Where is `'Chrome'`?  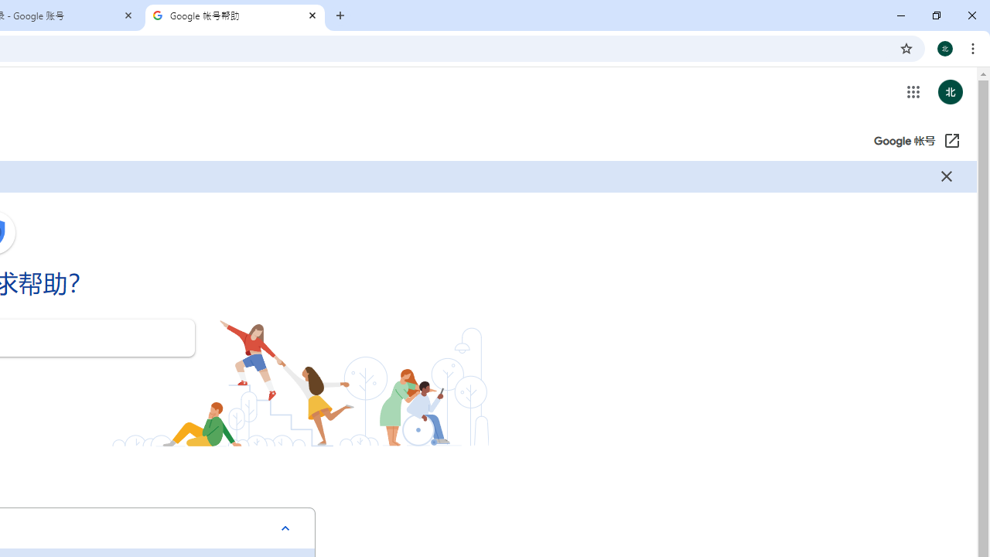 'Chrome' is located at coordinates (974, 47).